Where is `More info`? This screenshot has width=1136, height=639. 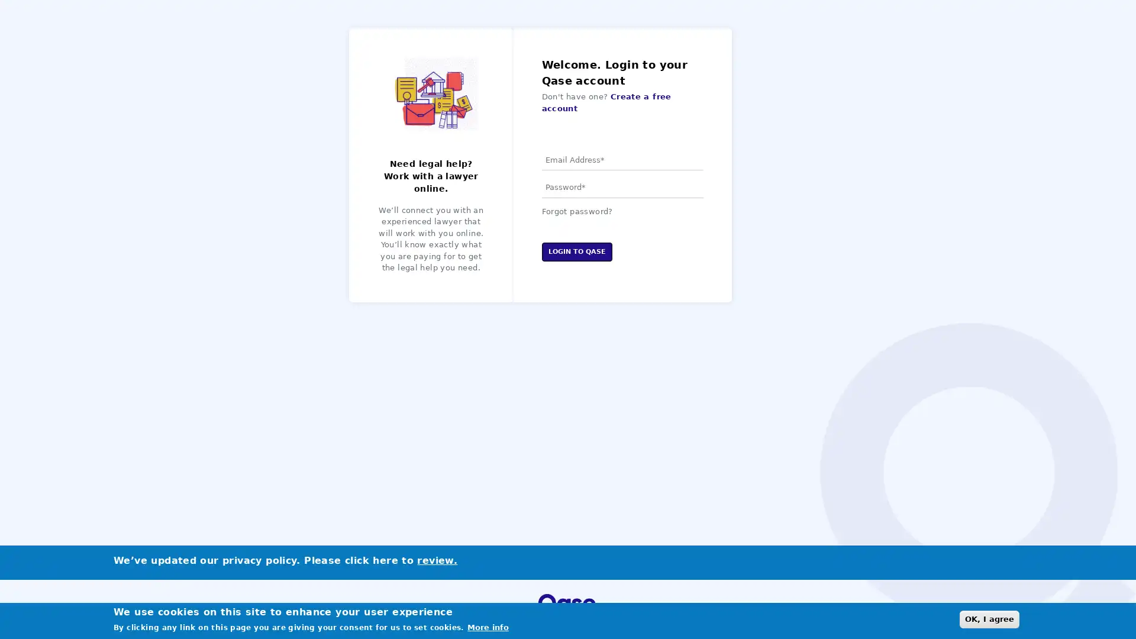 More info is located at coordinates (488, 627).